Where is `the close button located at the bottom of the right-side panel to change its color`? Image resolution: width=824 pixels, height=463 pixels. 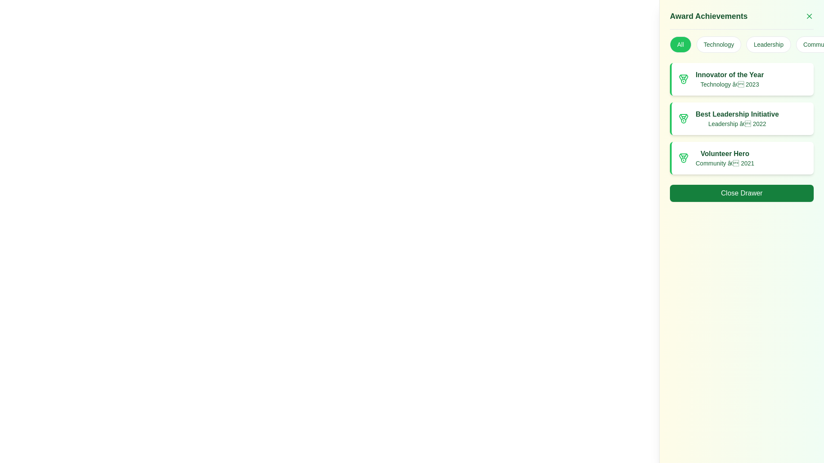
the close button located at the bottom of the right-side panel to change its color is located at coordinates (741, 193).